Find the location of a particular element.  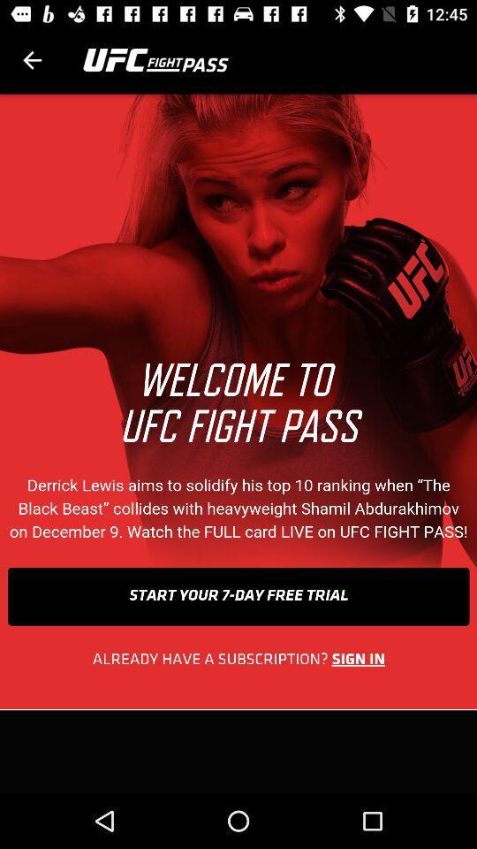

go back is located at coordinates (32, 60).